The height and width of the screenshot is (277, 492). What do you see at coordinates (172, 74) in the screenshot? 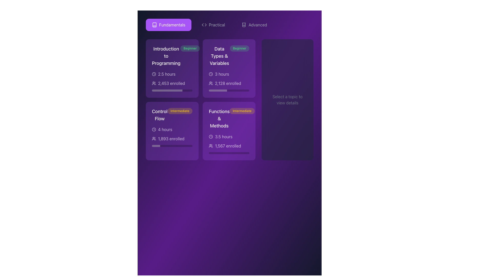
I see `displayed information of the text element '2.5 hours' with the clock icon, located in the first card under the 'Fundamentals' section, beneath 'Introduction to Programming'` at bounding box center [172, 74].